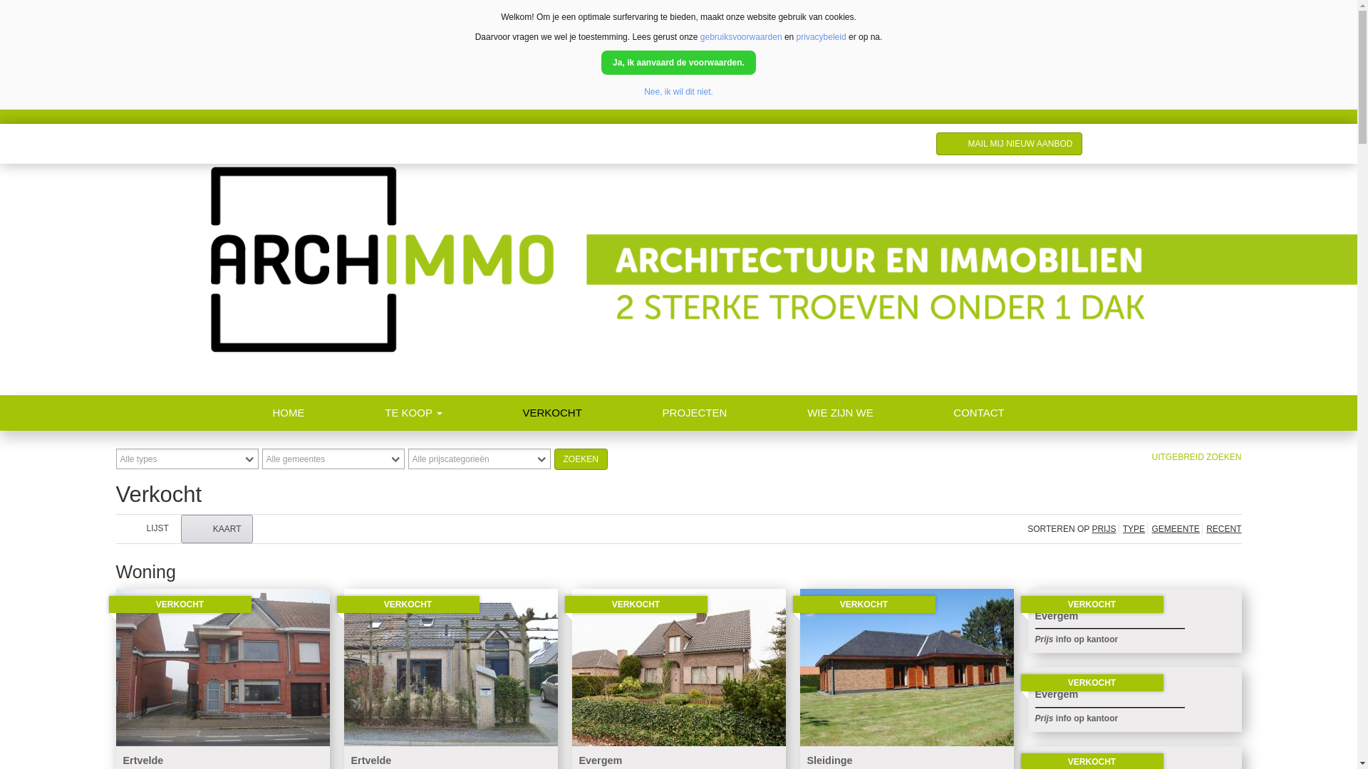  Describe the element at coordinates (678, 91) in the screenshot. I see `'Nee, ik wil dit niet.'` at that location.